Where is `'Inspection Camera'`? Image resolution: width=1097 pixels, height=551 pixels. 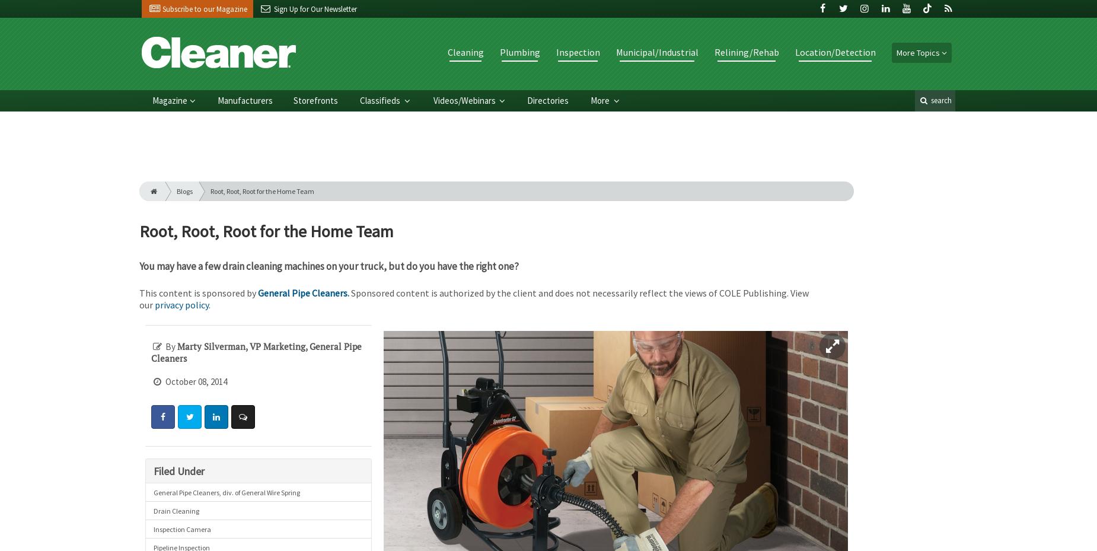 'Inspection Camera' is located at coordinates (181, 528).